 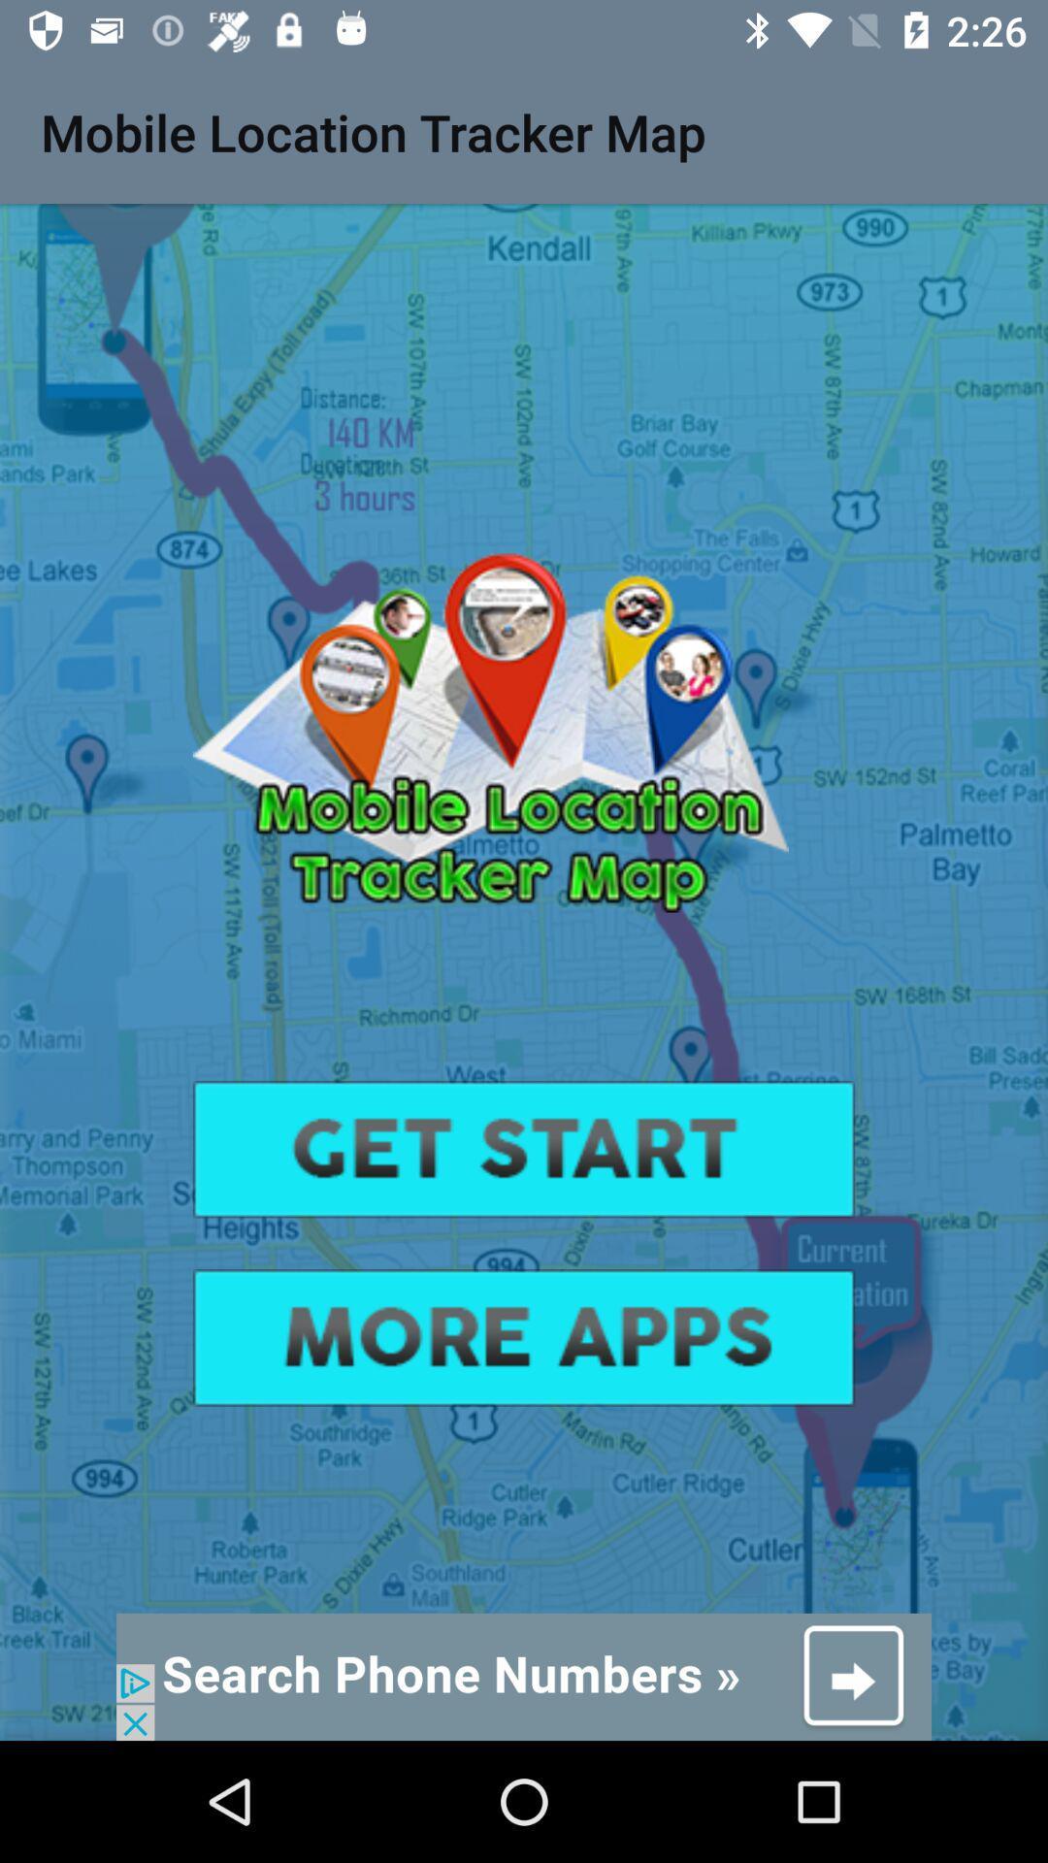 What do you see at coordinates (524, 1336) in the screenshot?
I see `more application` at bounding box center [524, 1336].